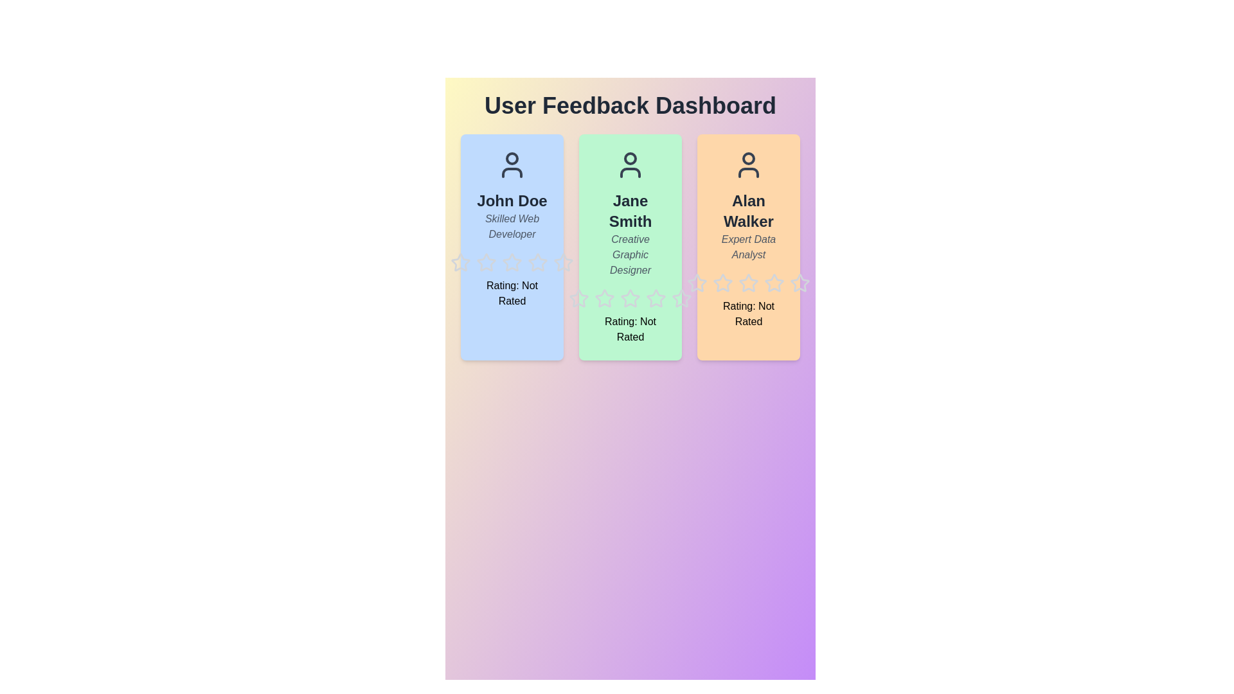  What do you see at coordinates (501, 253) in the screenshot?
I see `the star icon corresponding to 3 for user John Doe` at bounding box center [501, 253].